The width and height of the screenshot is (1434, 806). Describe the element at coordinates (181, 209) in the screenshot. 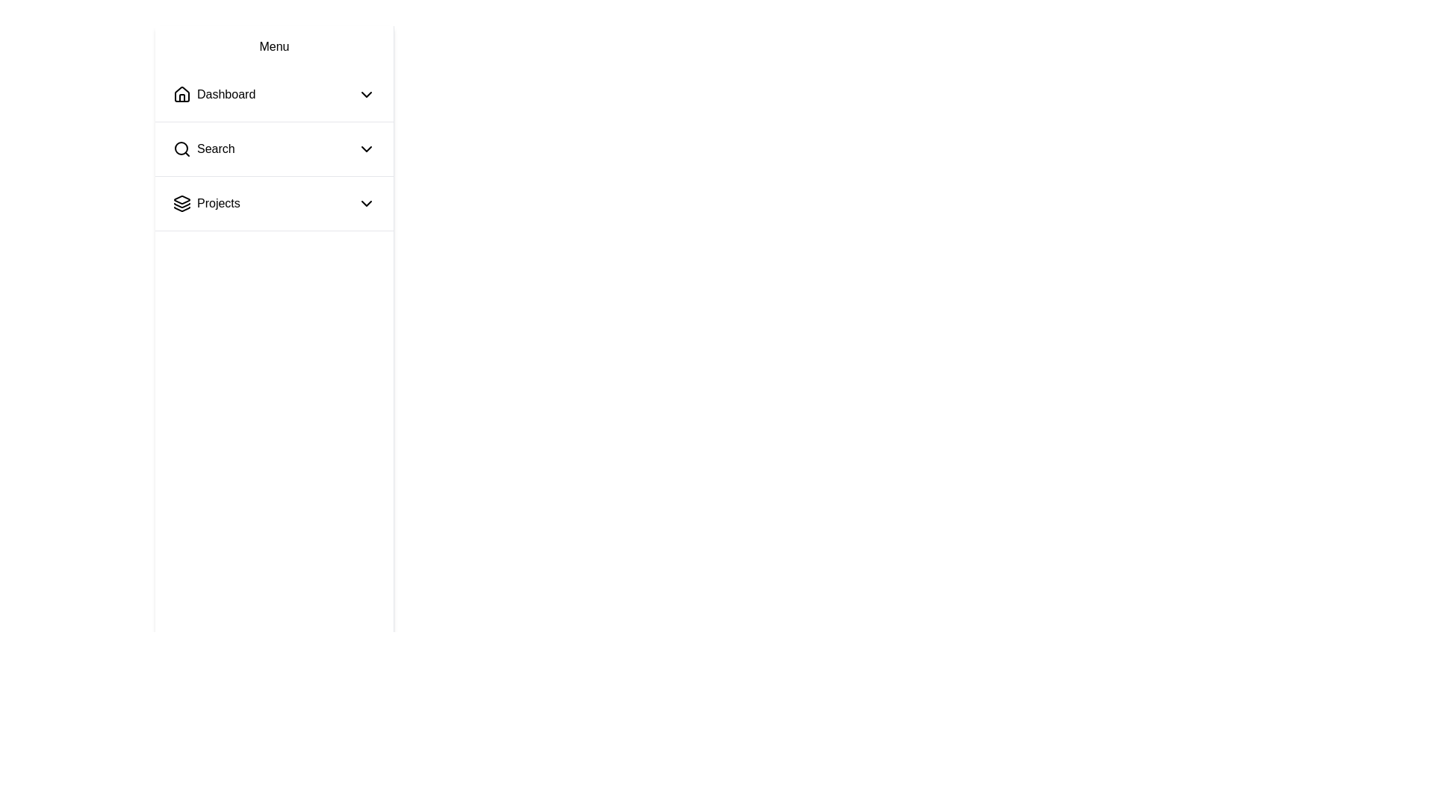

I see `the bottom layer graphic icon in the stack-shaped icon adjacent to the 'Projects' link in the navigation menu` at that location.